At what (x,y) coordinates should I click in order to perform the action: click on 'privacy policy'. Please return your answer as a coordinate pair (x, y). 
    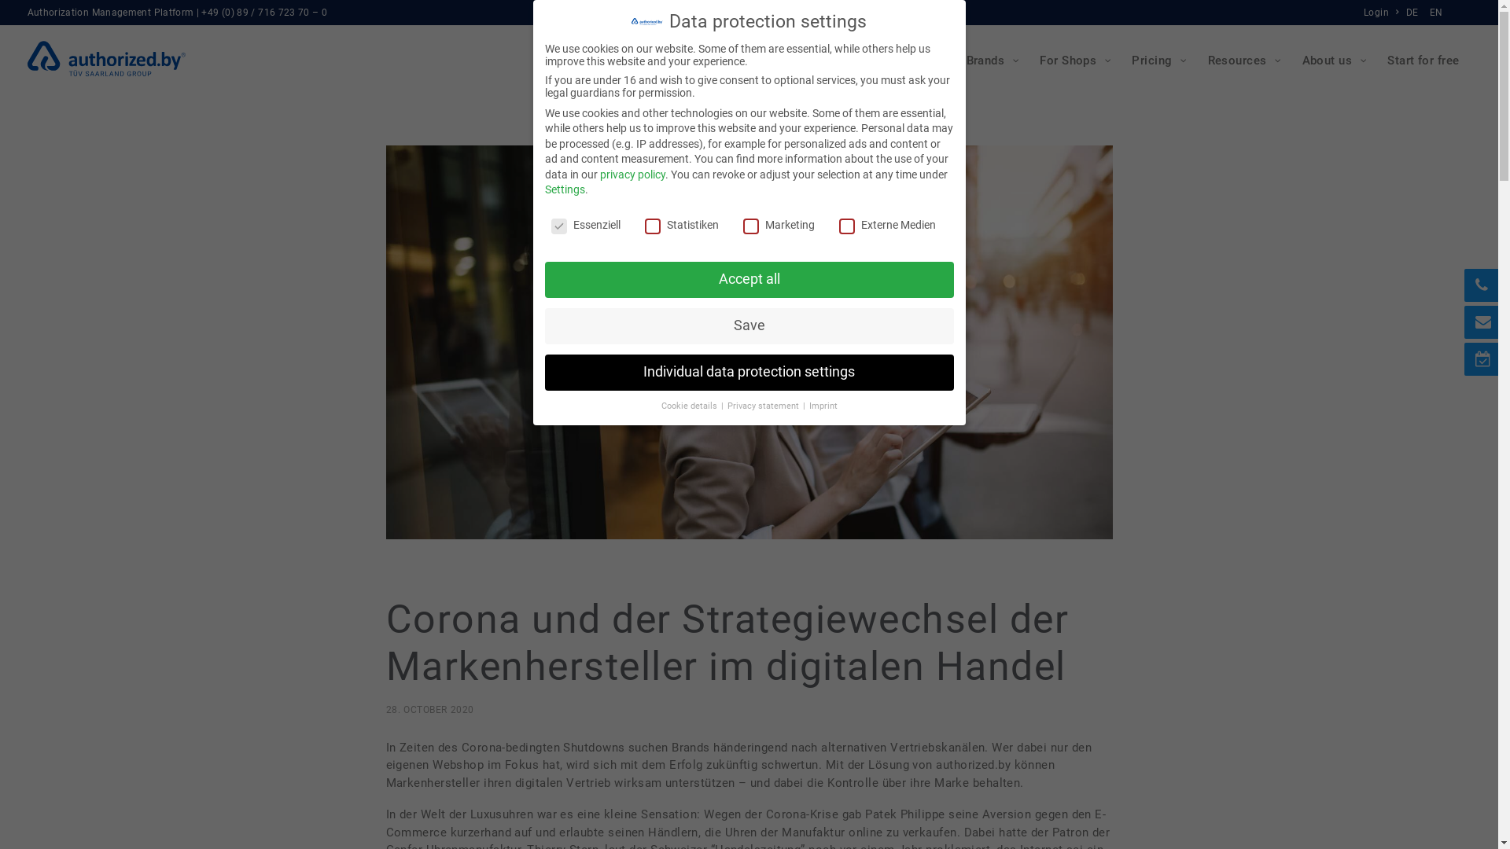
    Looking at the image, I should click on (632, 175).